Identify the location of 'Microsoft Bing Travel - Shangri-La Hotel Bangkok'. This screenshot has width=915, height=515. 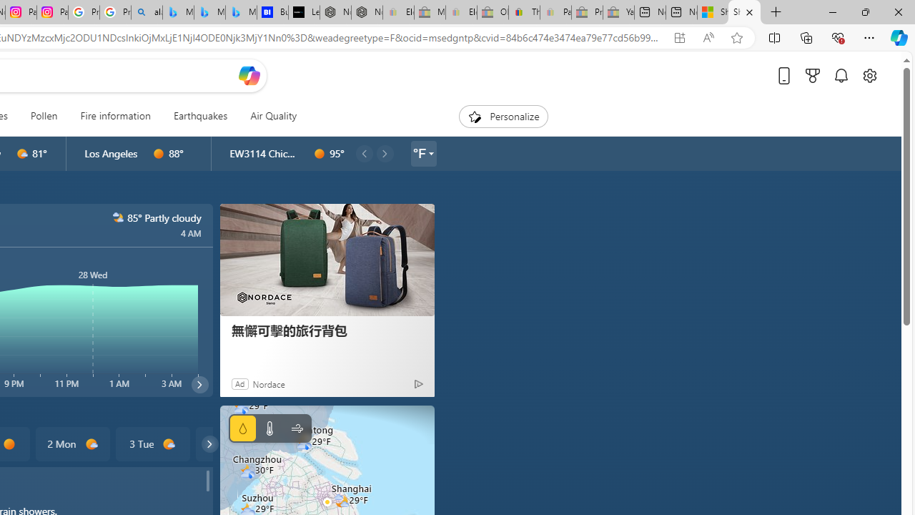
(241, 12).